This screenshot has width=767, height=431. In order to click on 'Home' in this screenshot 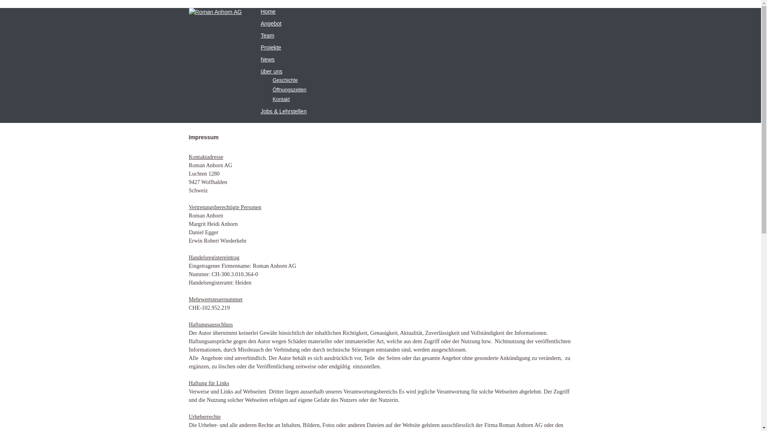, I will do `click(268, 12)`.